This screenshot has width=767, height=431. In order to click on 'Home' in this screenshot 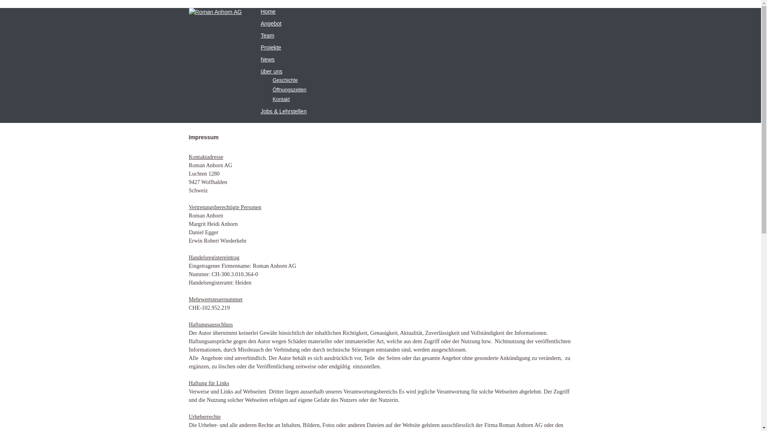, I will do `click(268, 12)`.